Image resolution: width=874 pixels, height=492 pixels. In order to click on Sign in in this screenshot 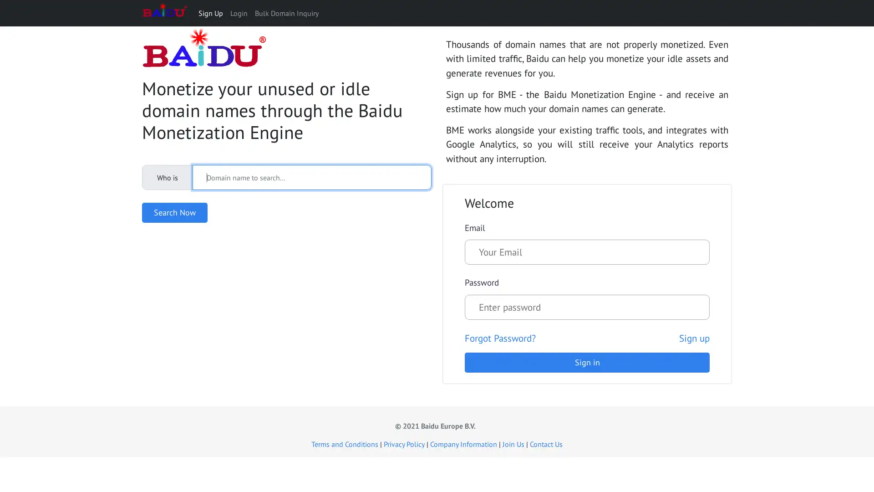, I will do `click(587, 361)`.